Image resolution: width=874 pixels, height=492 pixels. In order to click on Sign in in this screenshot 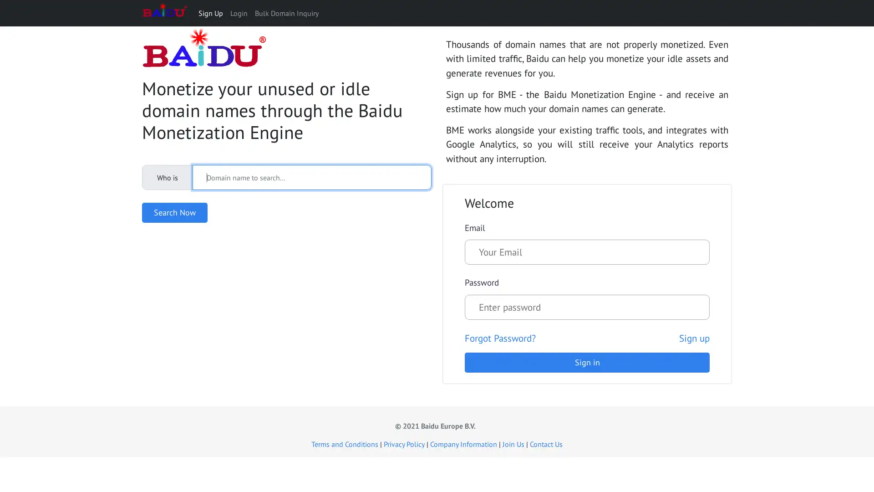, I will do `click(587, 361)`.